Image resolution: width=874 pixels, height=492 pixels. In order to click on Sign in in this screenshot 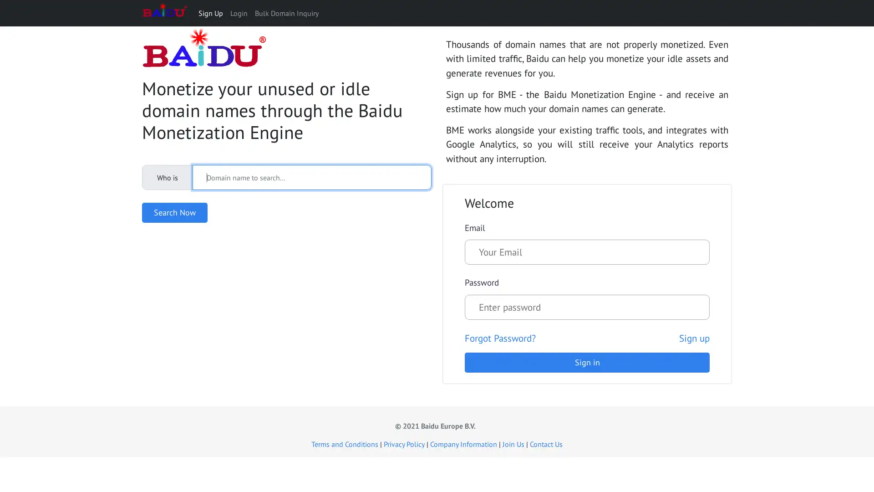, I will do `click(587, 361)`.